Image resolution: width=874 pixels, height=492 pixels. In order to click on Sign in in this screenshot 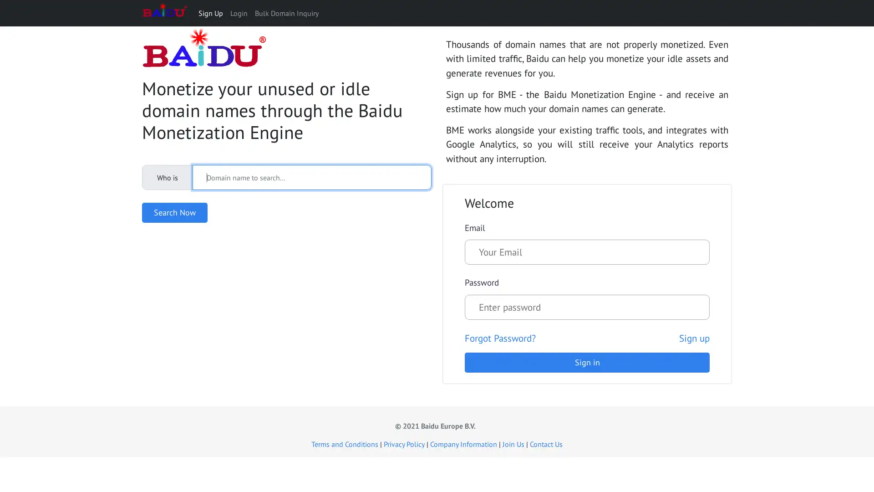, I will do `click(587, 361)`.